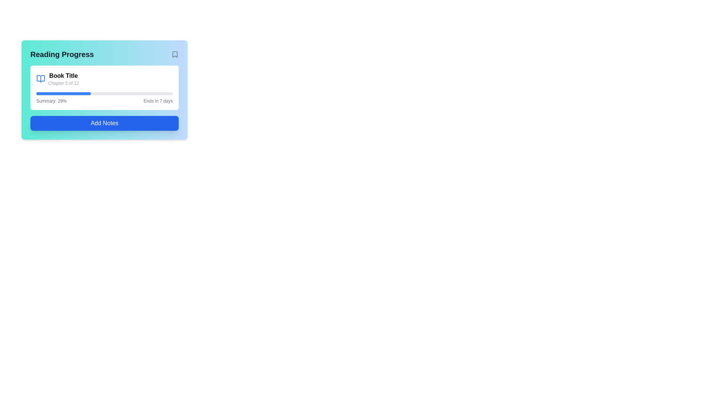 The width and height of the screenshot is (712, 400). Describe the element at coordinates (40, 79) in the screenshot. I see `the decorative book icon located within the 'Reading Progress' card, which is positioned to the left of the 'Book Title' and 'Chapter 5 of 12' text` at that location.